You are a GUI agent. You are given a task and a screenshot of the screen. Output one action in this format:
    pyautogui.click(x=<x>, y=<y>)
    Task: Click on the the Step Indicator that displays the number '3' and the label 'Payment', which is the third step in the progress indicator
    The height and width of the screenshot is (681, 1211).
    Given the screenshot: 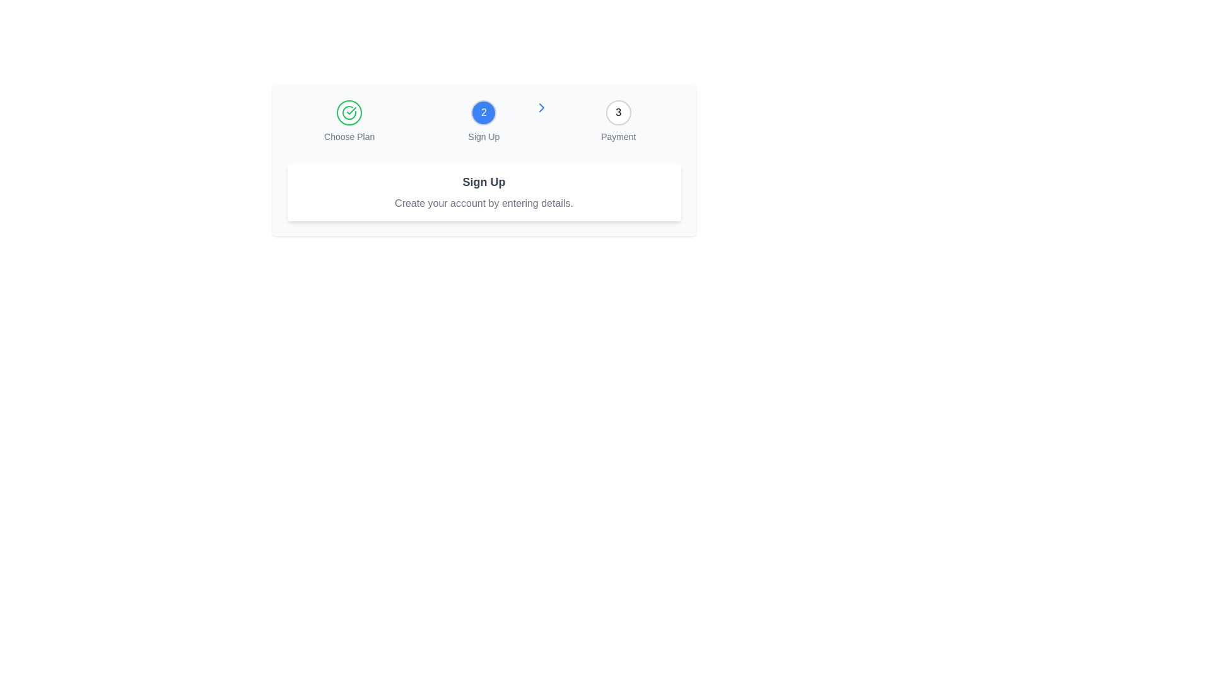 What is the action you would take?
    pyautogui.click(x=618, y=121)
    